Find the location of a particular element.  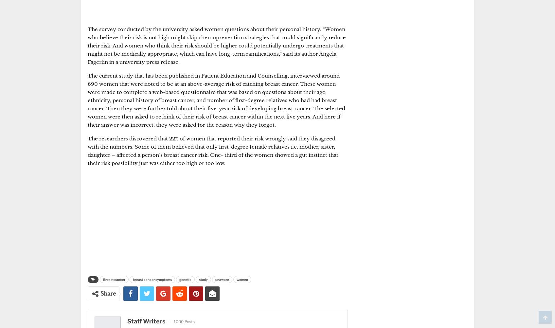

'genetic' is located at coordinates (179, 280).